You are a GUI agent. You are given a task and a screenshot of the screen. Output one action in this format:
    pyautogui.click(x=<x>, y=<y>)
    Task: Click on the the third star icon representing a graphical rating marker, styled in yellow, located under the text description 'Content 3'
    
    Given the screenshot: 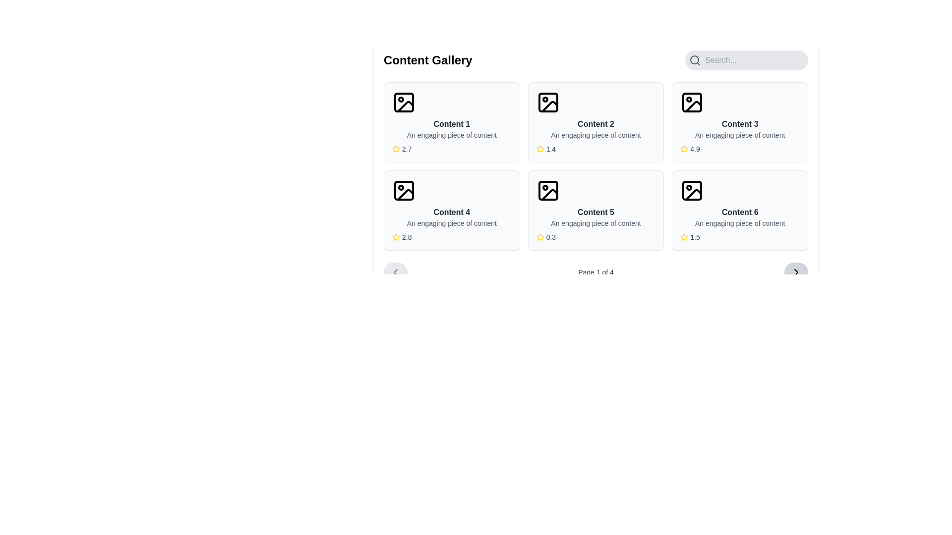 What is the action you would take?
    pyautogui.click(x=684, y=149)
    